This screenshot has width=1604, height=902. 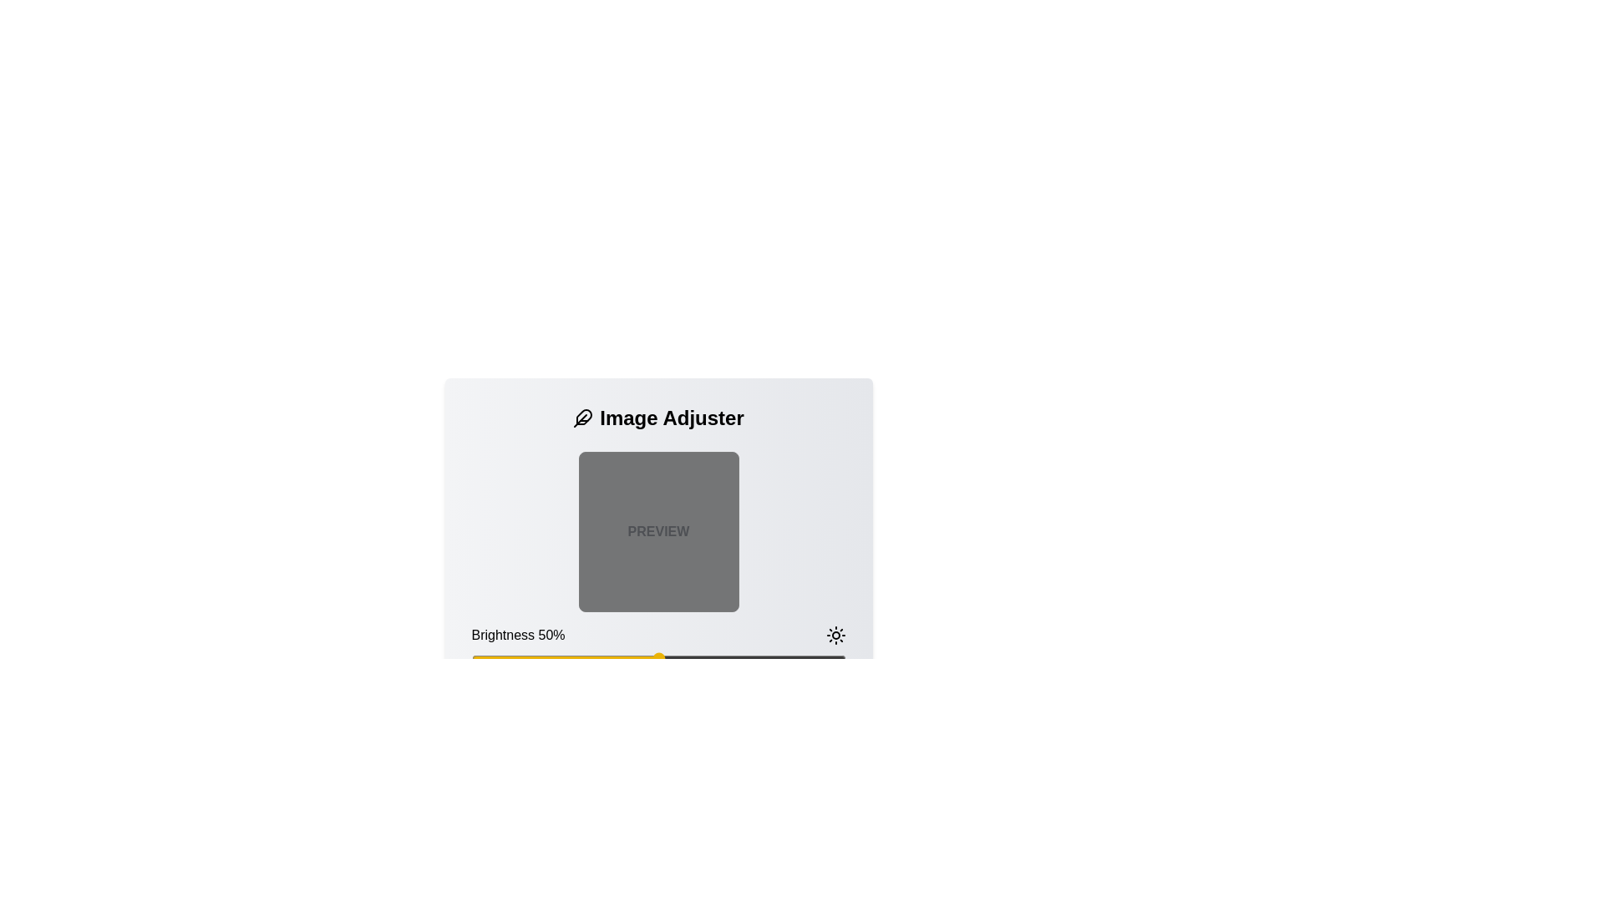 What do you see at coordinates (784, 658) in the screenshot?
I see `the brightness level` at bounding box center [784, 658].